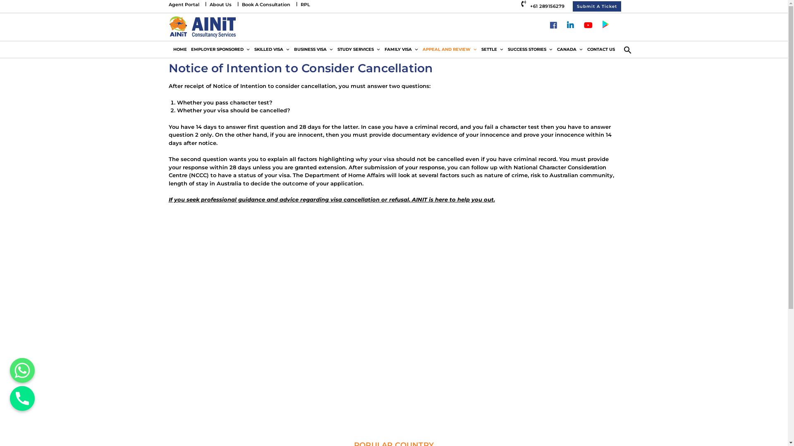 The height and width of the screenshot is (446, 794). Describe the element at coordinates (555, 49) in the screenshot. I see `'CANADA'` at that location.